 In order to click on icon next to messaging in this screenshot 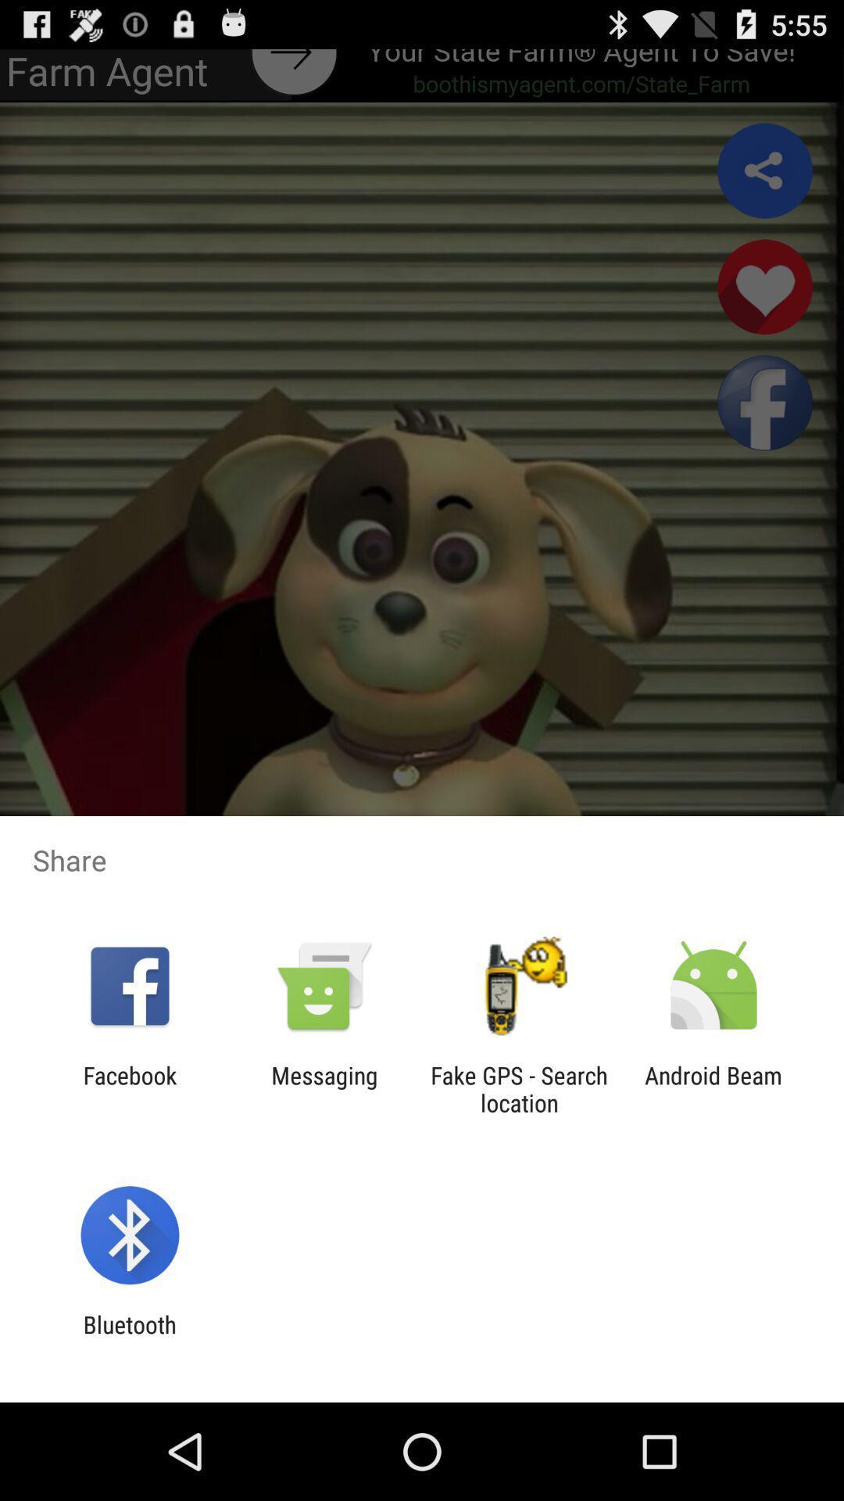, I will do `click(129, 1088)`.